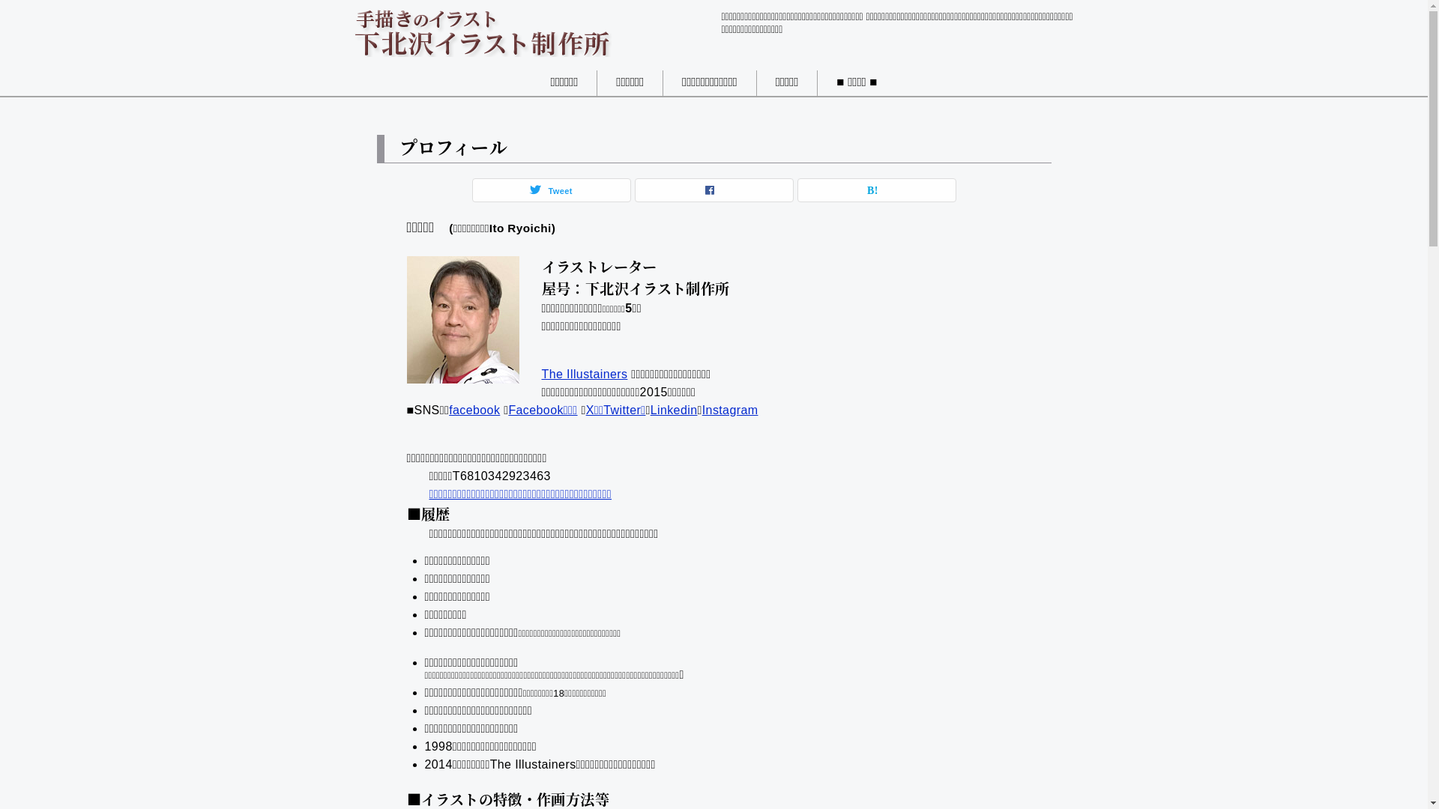 Image resolution: width=1439 pixels, height=809 pixels. Describe the element at coordinates (730, 410) in the screenshot. I see `'Instagram'` at that location.